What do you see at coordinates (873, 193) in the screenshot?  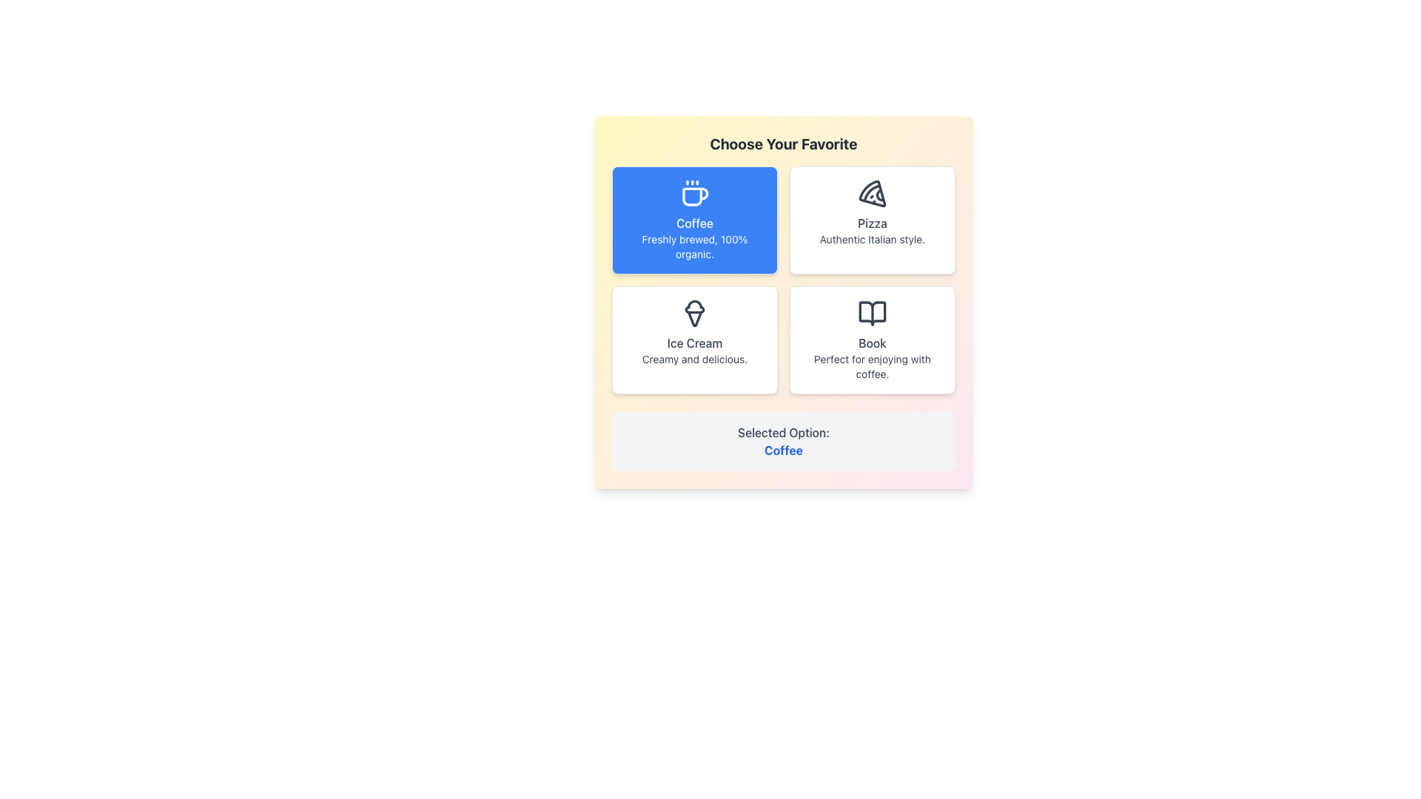 I see `the pizza slice icon located in the top-right quadrant of the main selection grid under the option labeled 'Pizza.'` at bounding box center [873, 193].